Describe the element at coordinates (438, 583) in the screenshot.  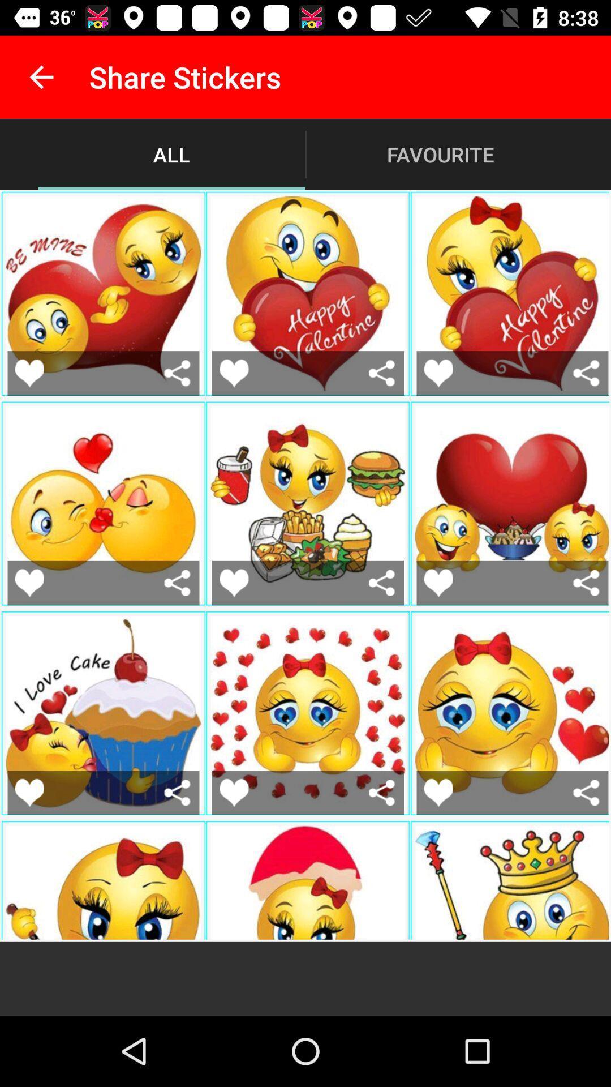
I see `favorite` at that location.